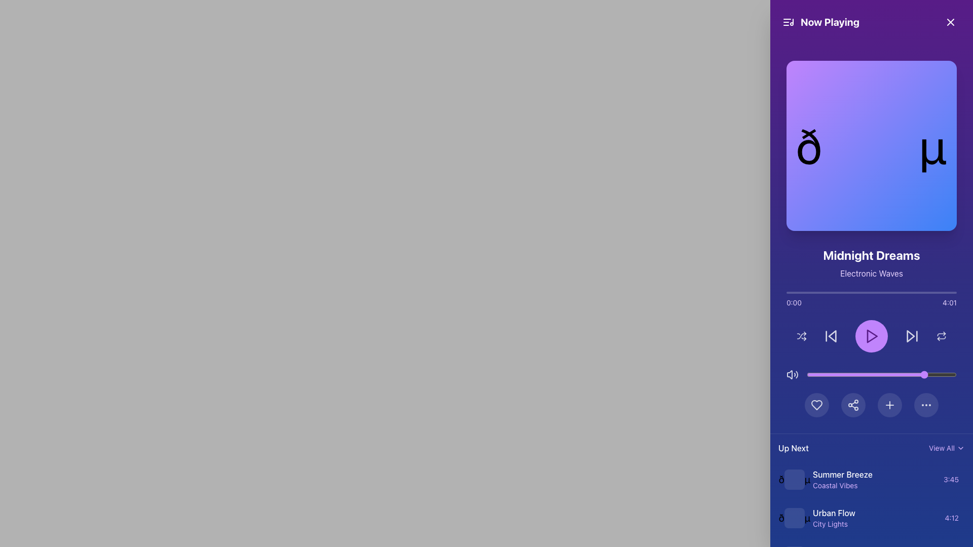 This screenshot has width=973, height=547. What do you see at coordinates (869, 375) in the screenshot?
I see `slider value` at bounding box center [869, 375].